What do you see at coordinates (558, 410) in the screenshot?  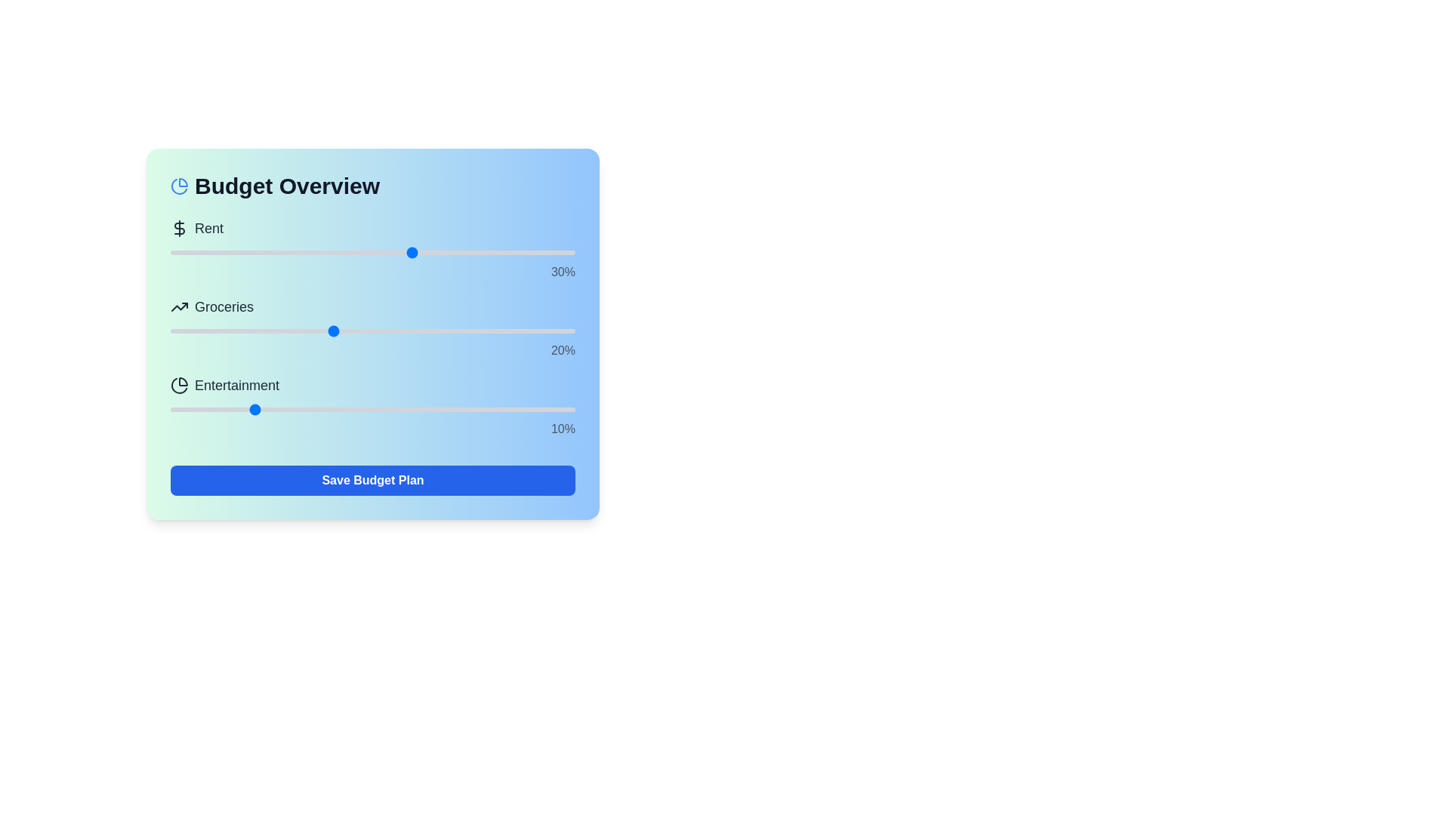 I see `the slider` at bounding box center [558, 410].